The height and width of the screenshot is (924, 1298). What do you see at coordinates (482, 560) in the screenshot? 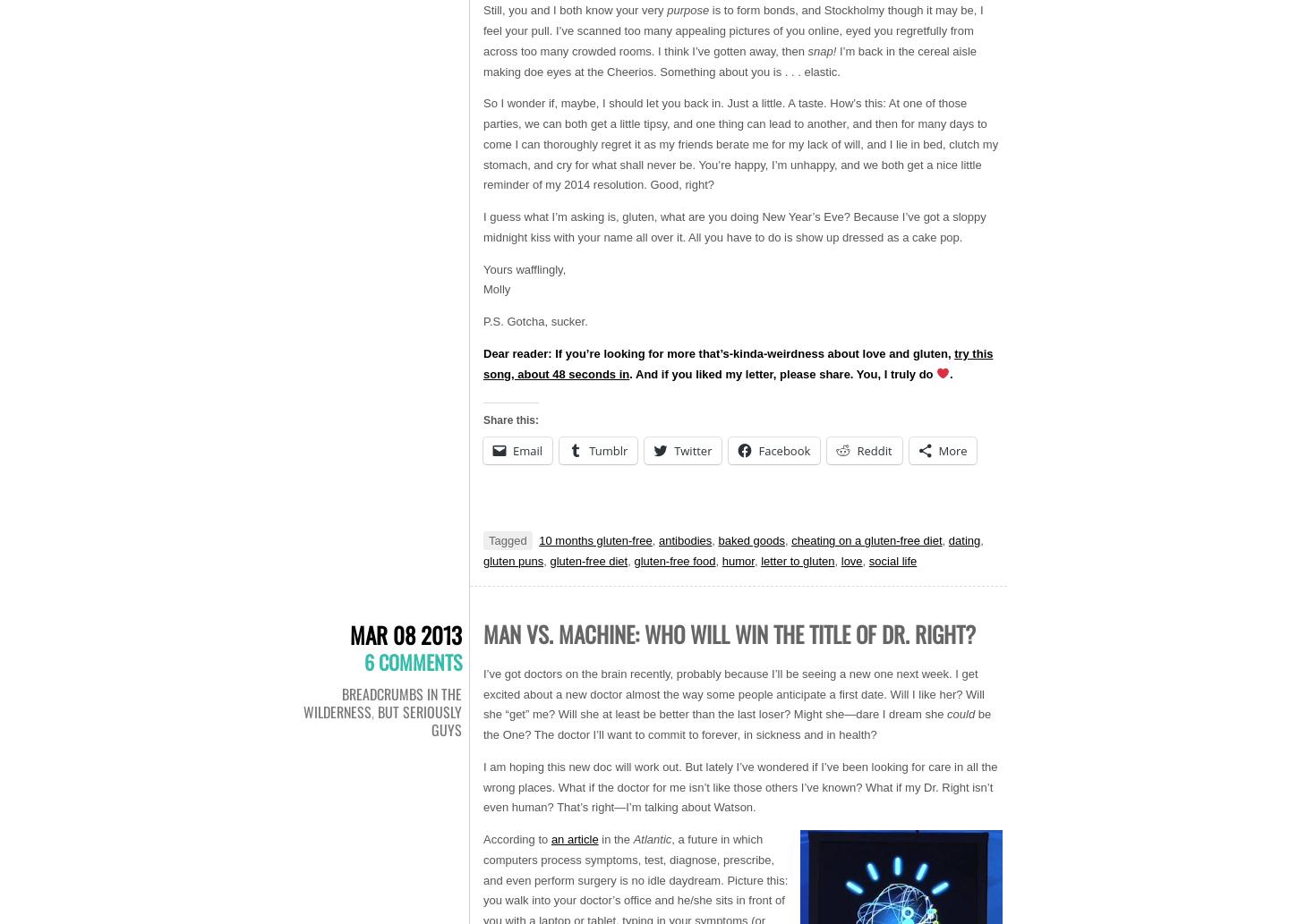
I see `'gluten puns'` at bounding box center [482, 560].